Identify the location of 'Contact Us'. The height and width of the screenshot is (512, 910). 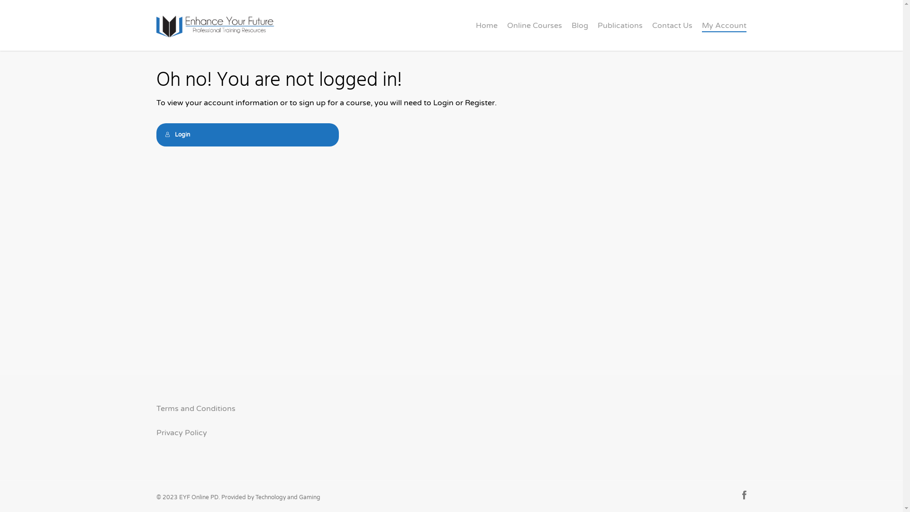
(652, 25).